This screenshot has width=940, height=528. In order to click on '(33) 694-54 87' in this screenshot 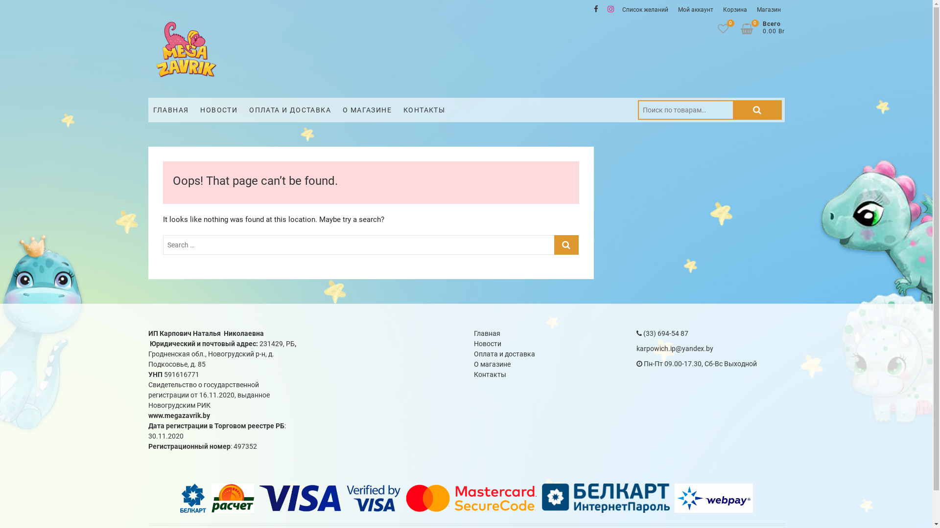, I will do `click(662, 333)`.